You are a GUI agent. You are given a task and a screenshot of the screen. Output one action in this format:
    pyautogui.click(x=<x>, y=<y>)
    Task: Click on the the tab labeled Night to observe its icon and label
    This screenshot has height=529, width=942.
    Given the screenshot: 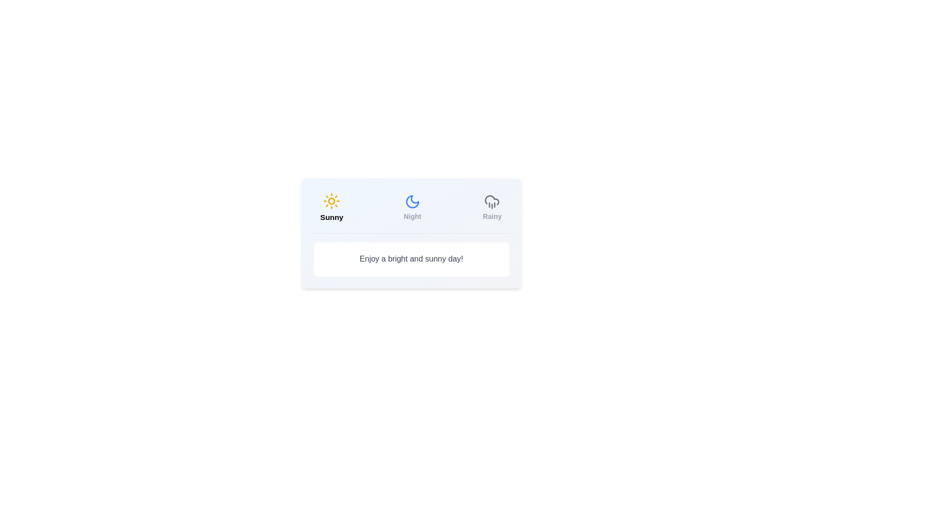 What is the action you would take?
    pyautogui.click(x=412, y=207)
    